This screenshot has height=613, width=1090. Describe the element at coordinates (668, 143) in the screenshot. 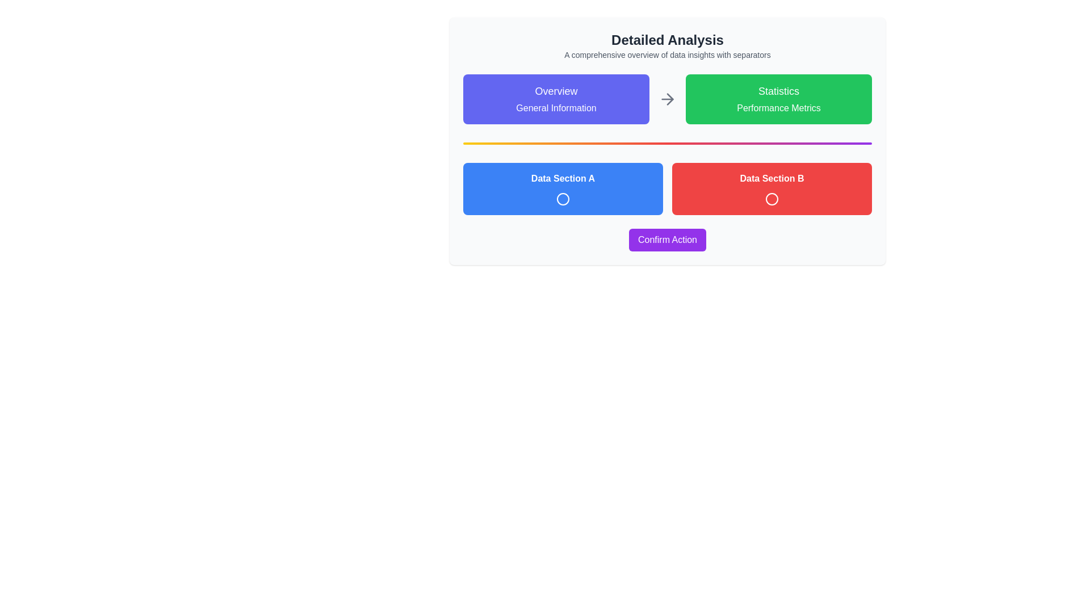

I see `the thin horizontal Separator bar featuring a gradient fill transitioning from yellow through red to purple, positioned below the 'Overview' and 'Statistics' sections and above 'Data Section A' and 'Data Section B'` at that location.